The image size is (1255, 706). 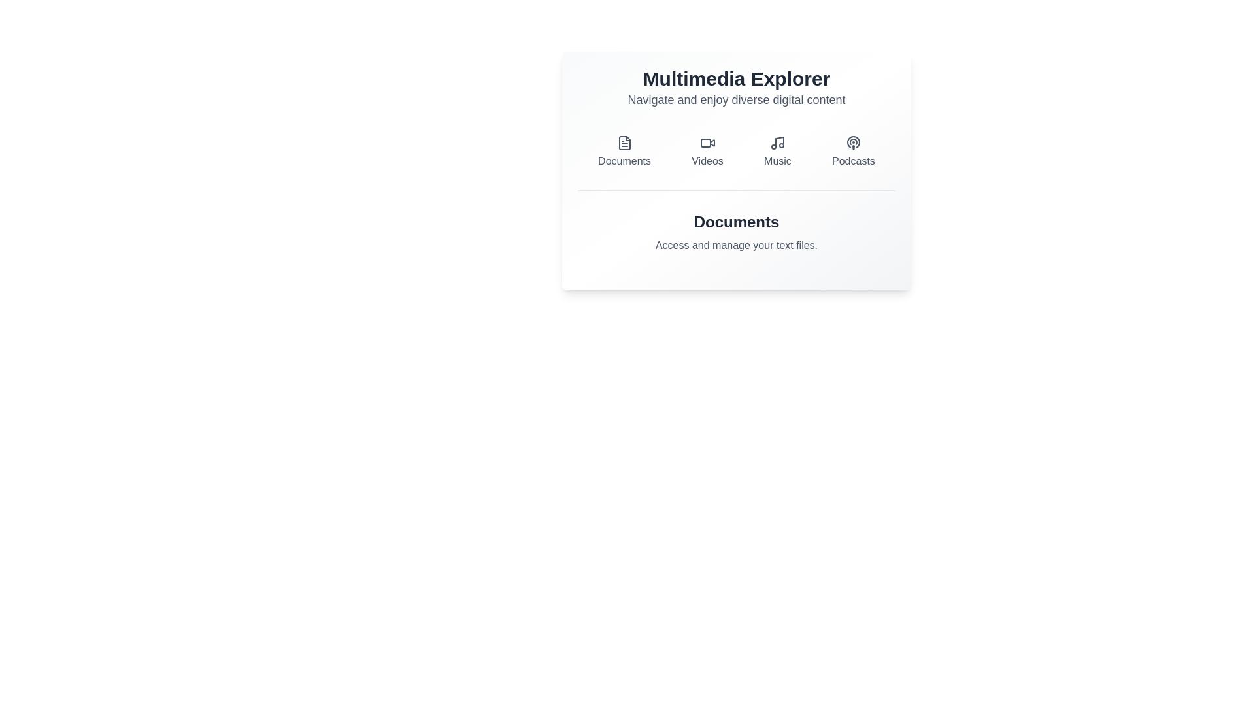 What do you see at coordinates (778, 151) in the screenshot?
I see `the category button for Music` at bounding box center [778, 151].